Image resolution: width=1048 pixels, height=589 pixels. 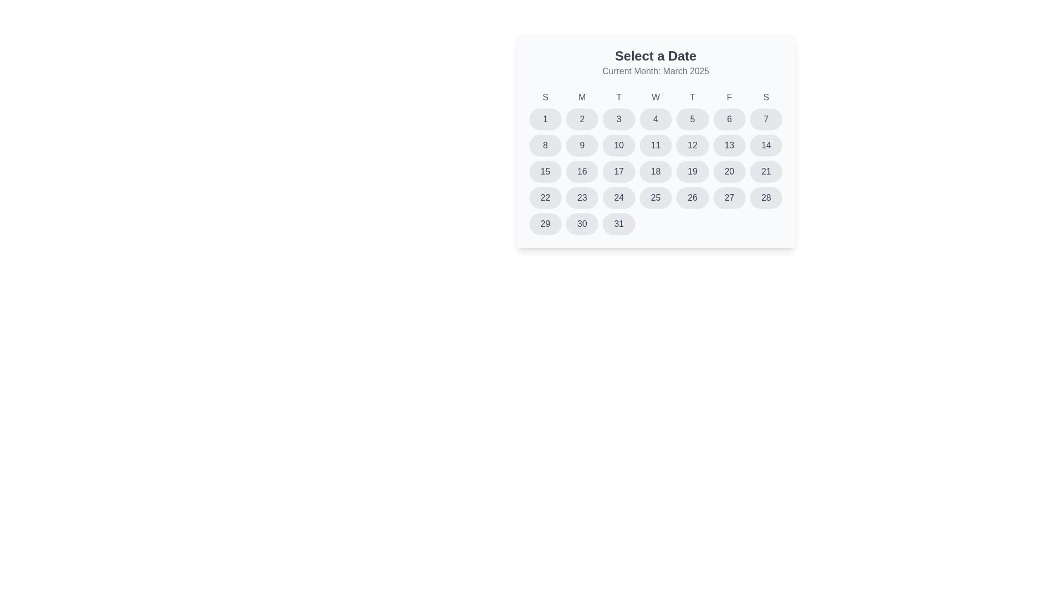 What do you see at coordinates (692, 119) in the screenshot?
I see `the date button '5' in the March 2025 calendar to activate the hover effect` at bounding box center [692, 119].